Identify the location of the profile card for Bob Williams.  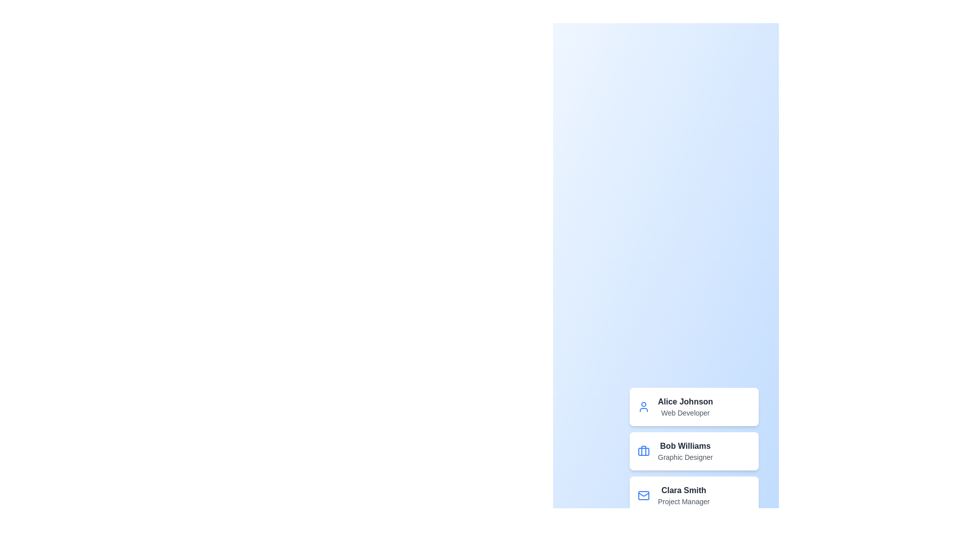
(694, 450).